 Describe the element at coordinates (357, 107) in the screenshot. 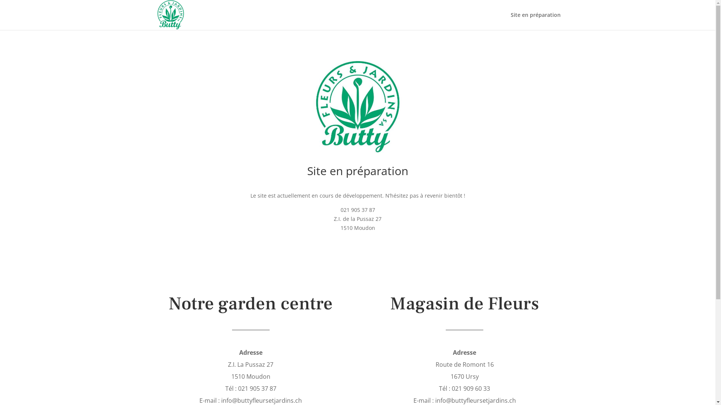

I see `'Accueil_Buttyfleurs'` at that location.